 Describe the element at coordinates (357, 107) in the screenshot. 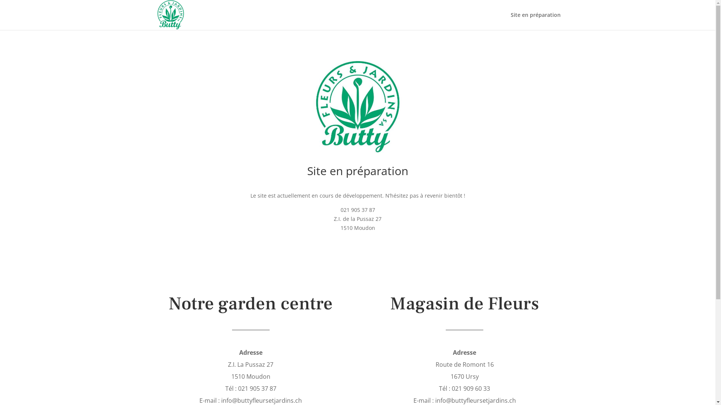

I see `'Accueil_Buttyfleurs'` at that location.